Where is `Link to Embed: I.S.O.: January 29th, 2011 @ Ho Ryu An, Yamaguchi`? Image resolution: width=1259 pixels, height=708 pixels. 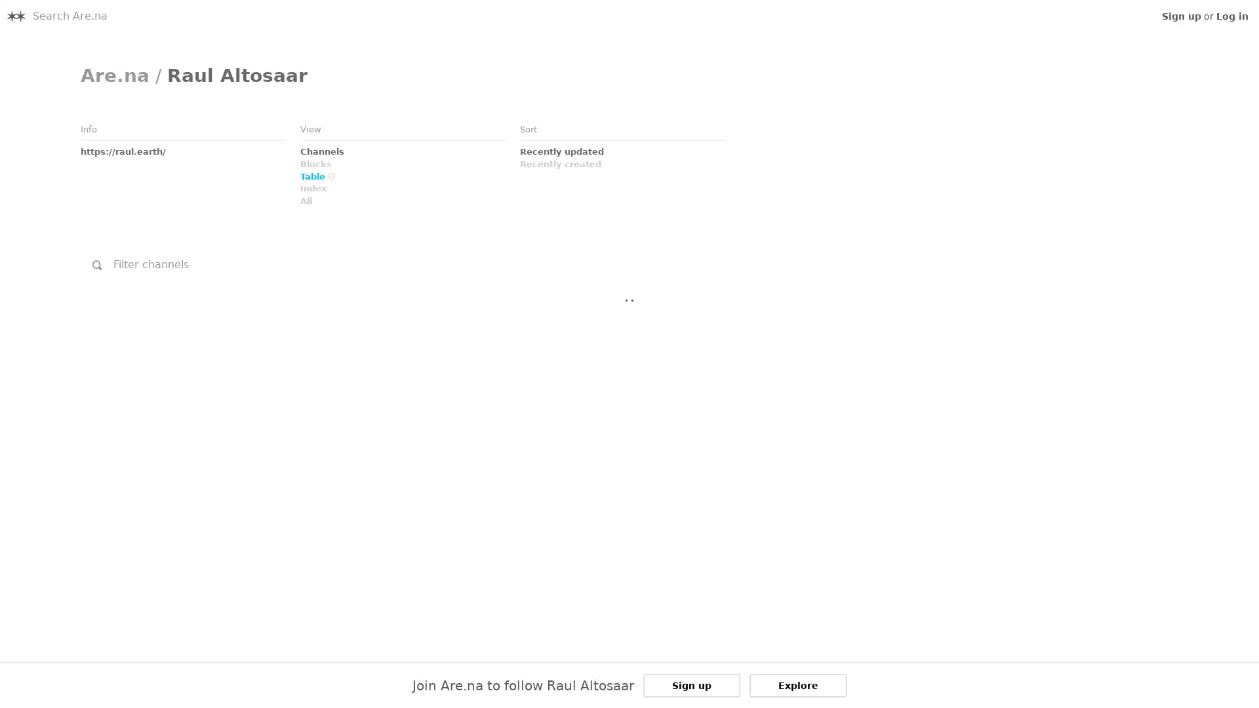 Link to Embed: I.S.O.: January 29th, 2011 @ Ho Ryu An, Yamaguchi is located at coordinates (622, 390).